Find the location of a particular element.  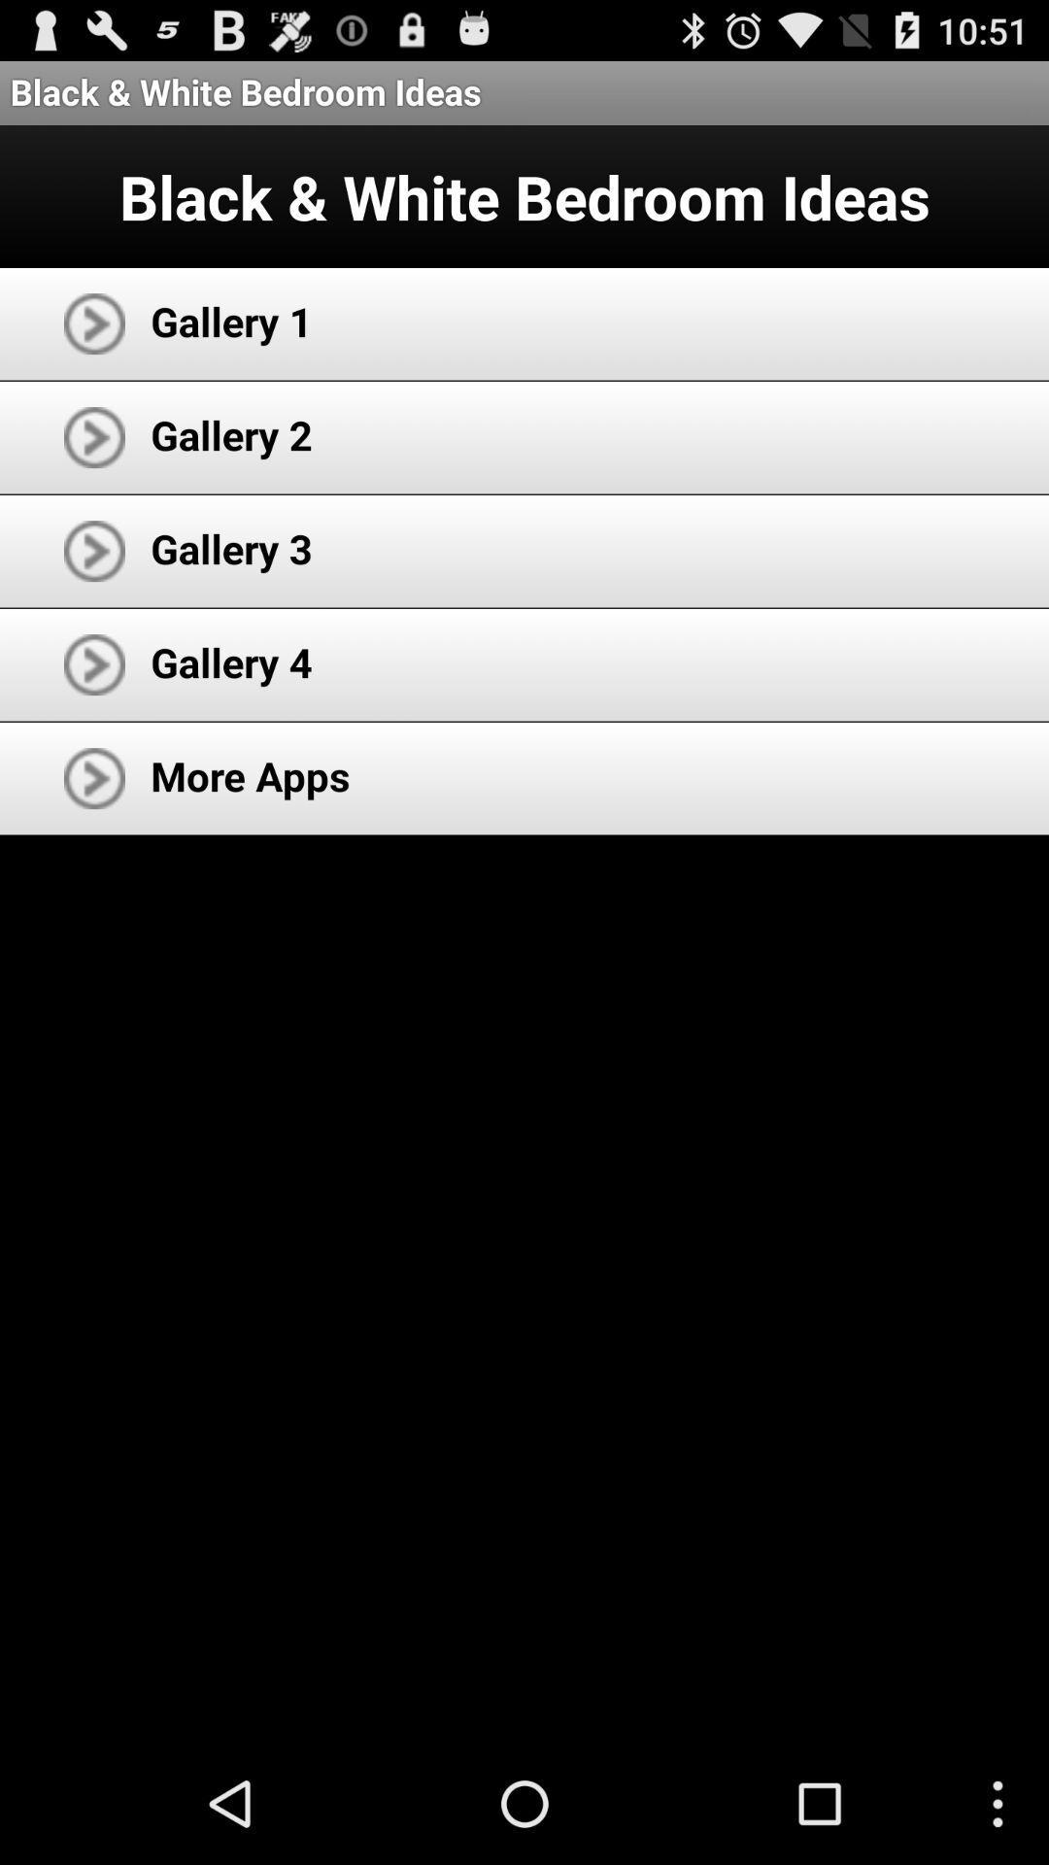

the gallery 1 icon is located at coordinates (230, 321).